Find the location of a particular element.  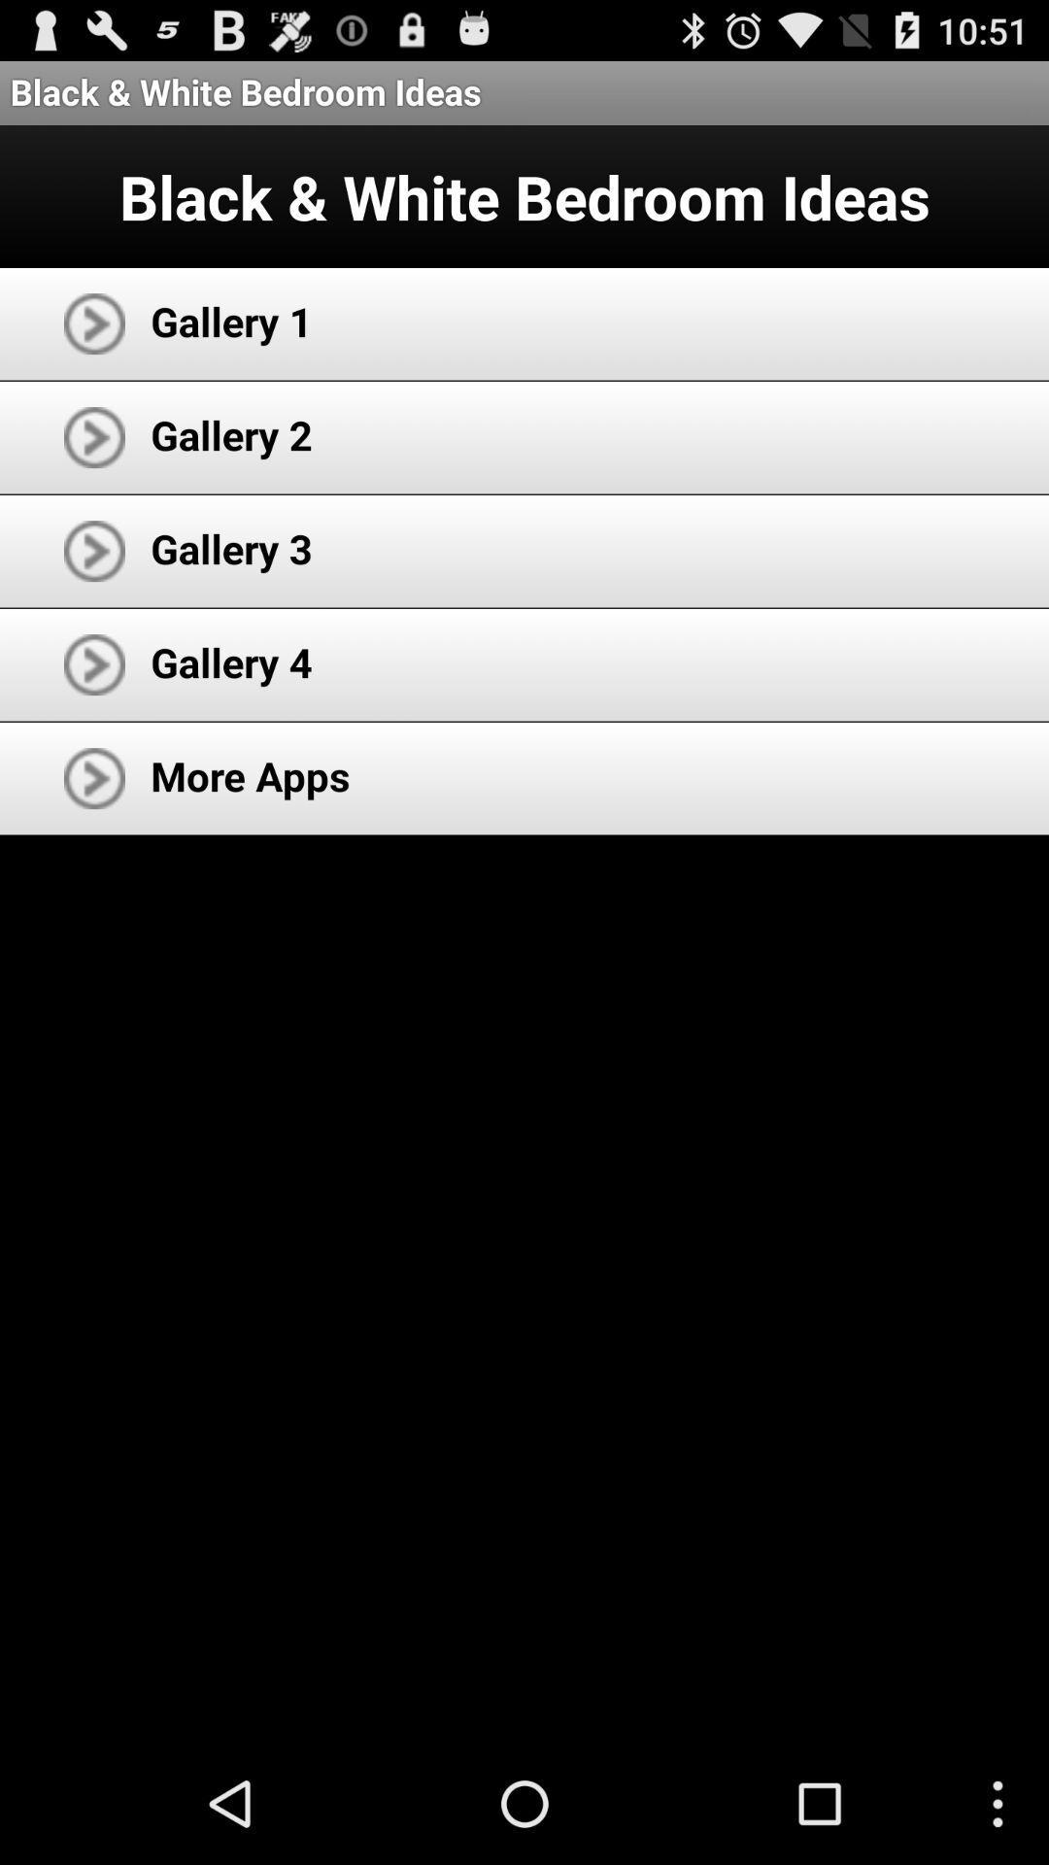

the gallery 1 icon is located at coordinates (230, 321).